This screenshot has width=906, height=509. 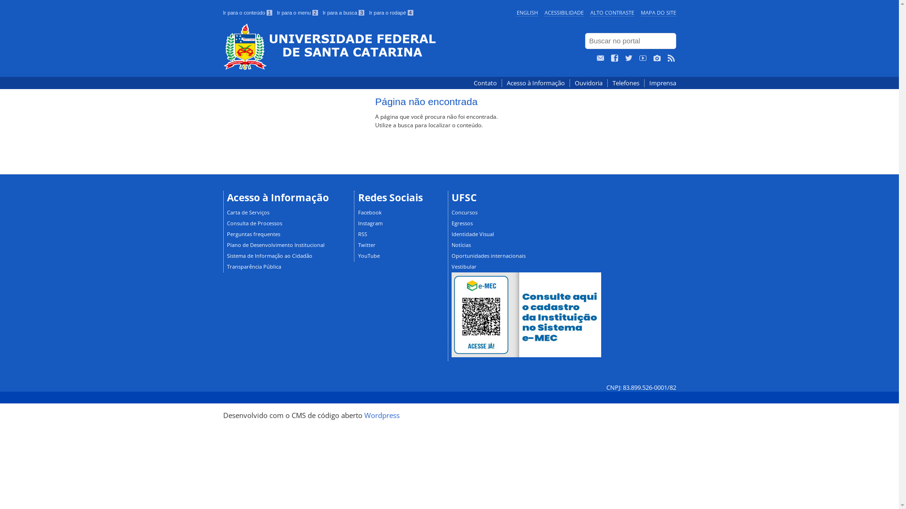 I want to click on 'RSS', so click(x=357, y=233).